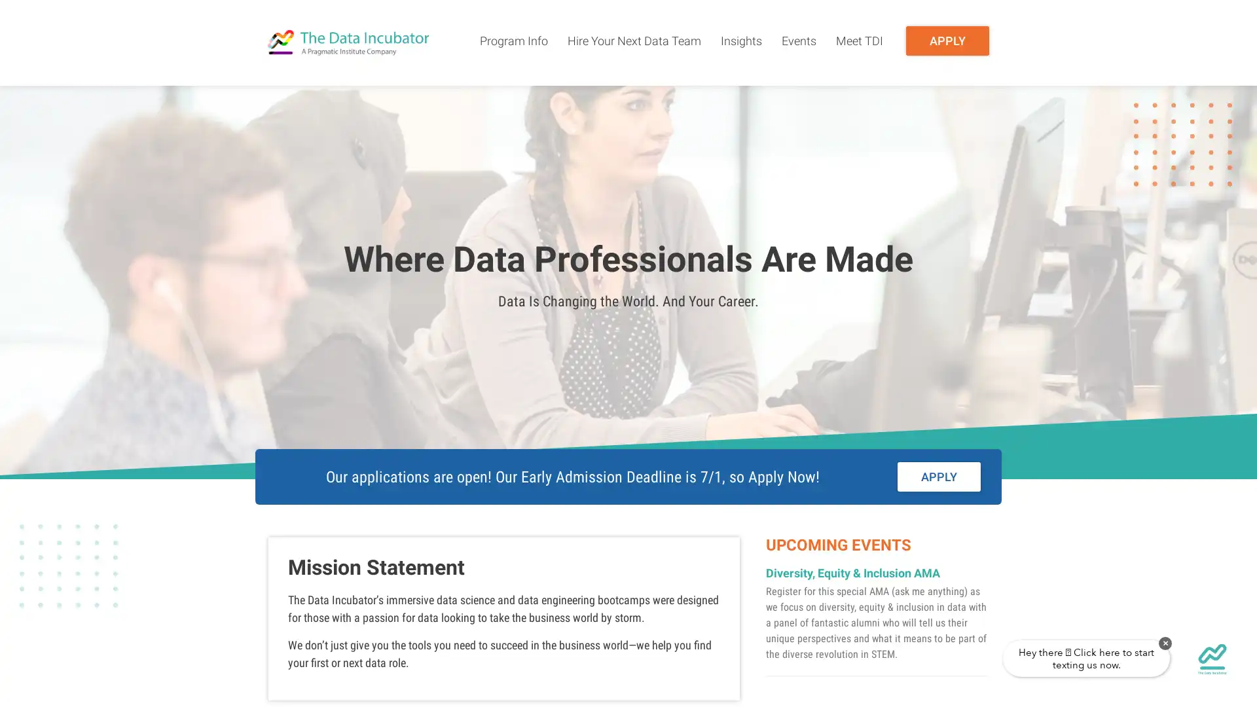 The width and height of the screenshot is (1257, 707). I want to click on APPLY, so click(947, 40).